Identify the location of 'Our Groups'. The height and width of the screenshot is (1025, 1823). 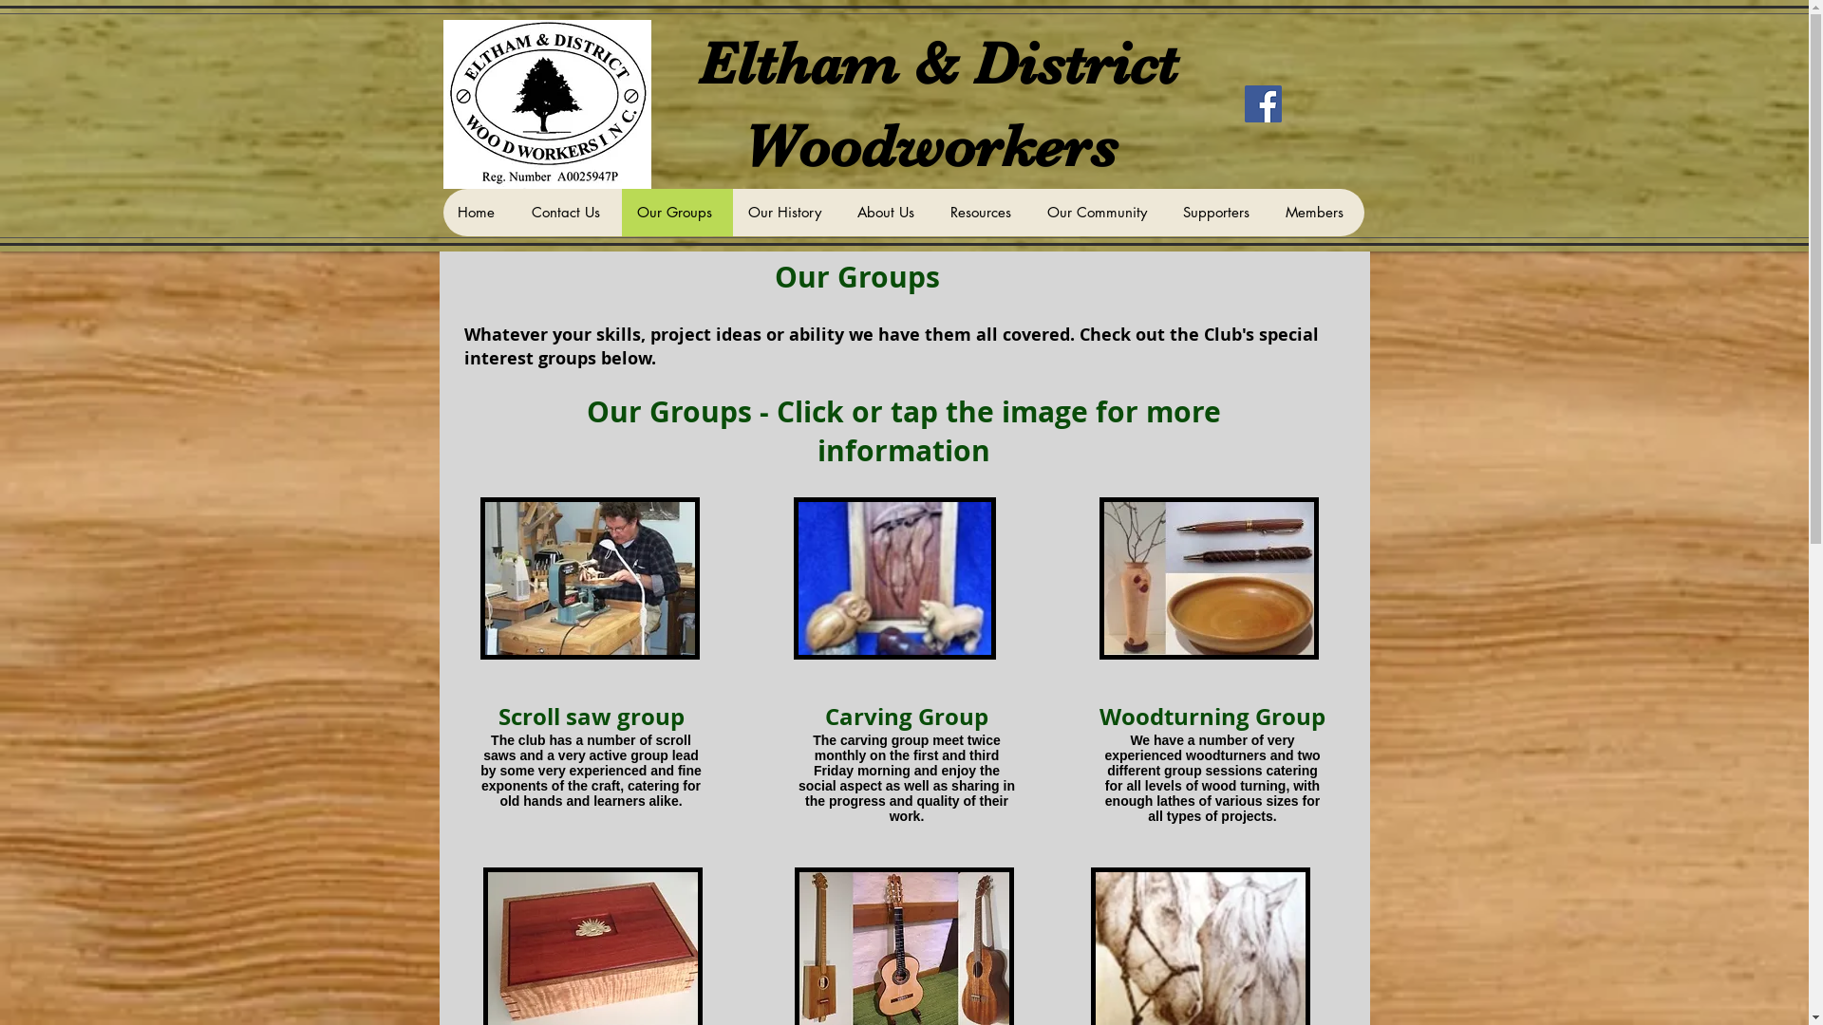
(620, 212).